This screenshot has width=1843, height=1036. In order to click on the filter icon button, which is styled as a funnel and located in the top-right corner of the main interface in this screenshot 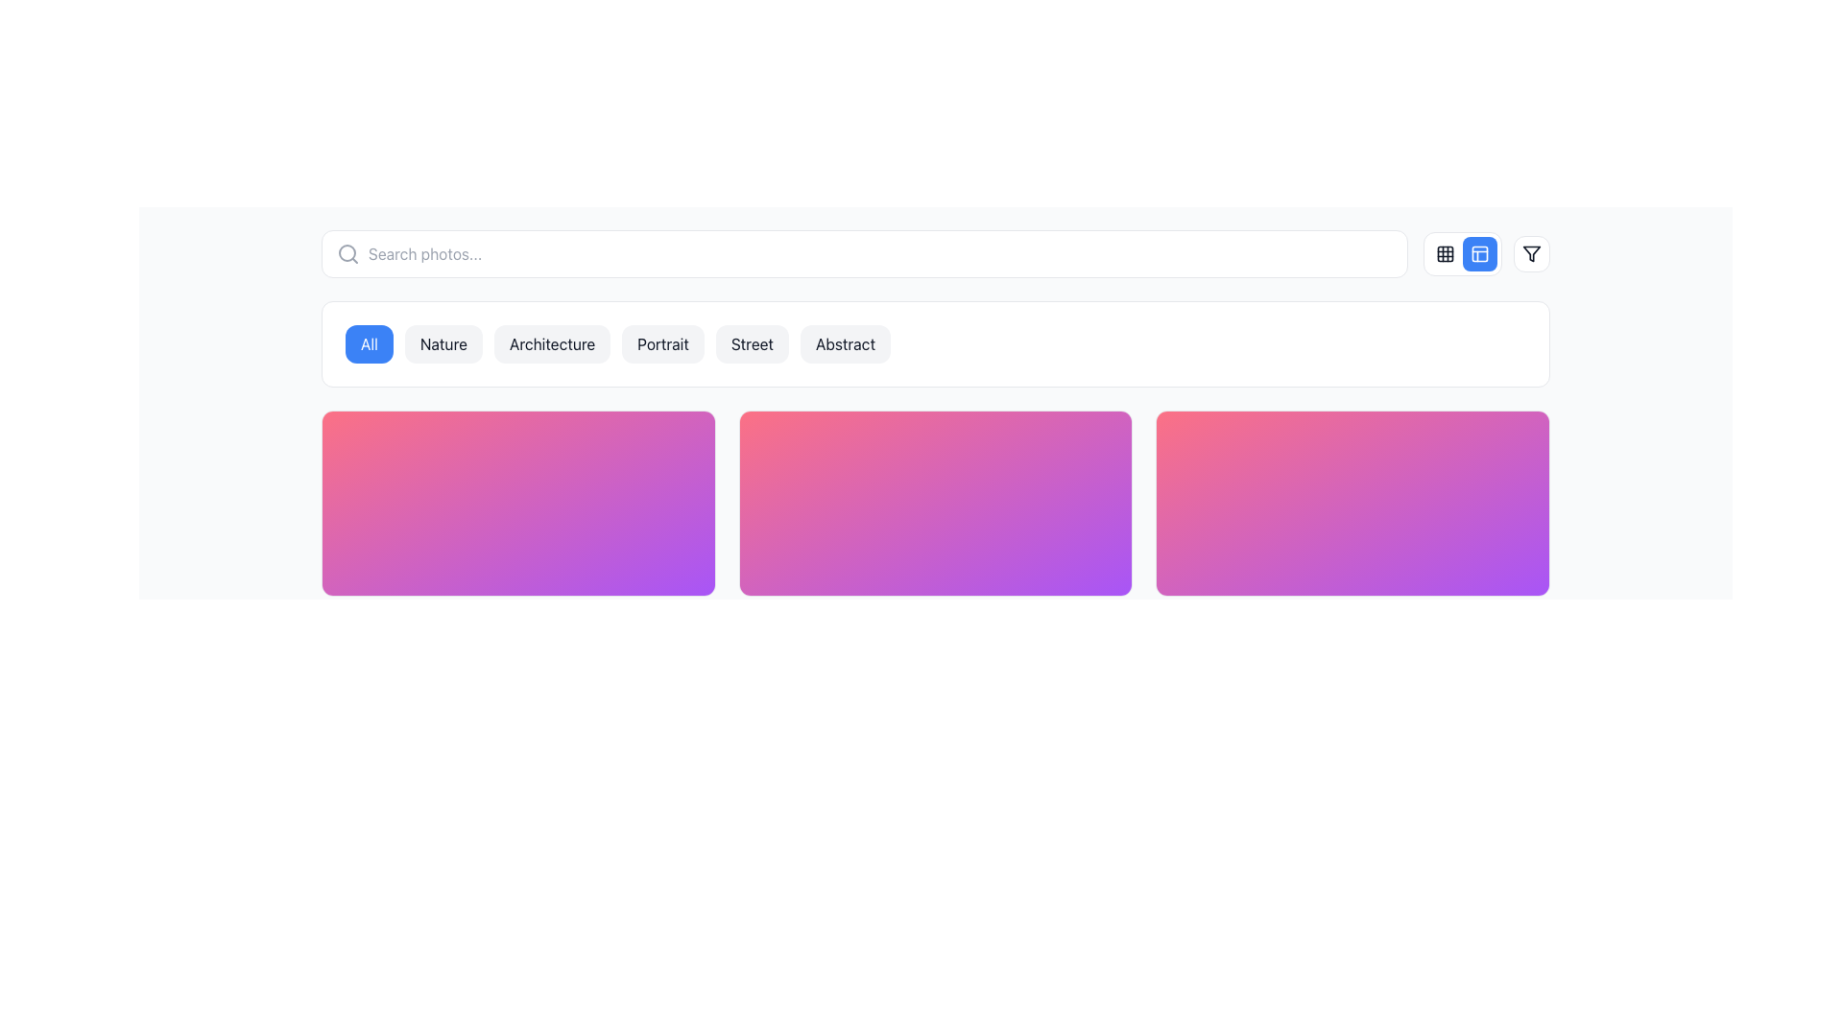, I will do `click(1531, 253)`.